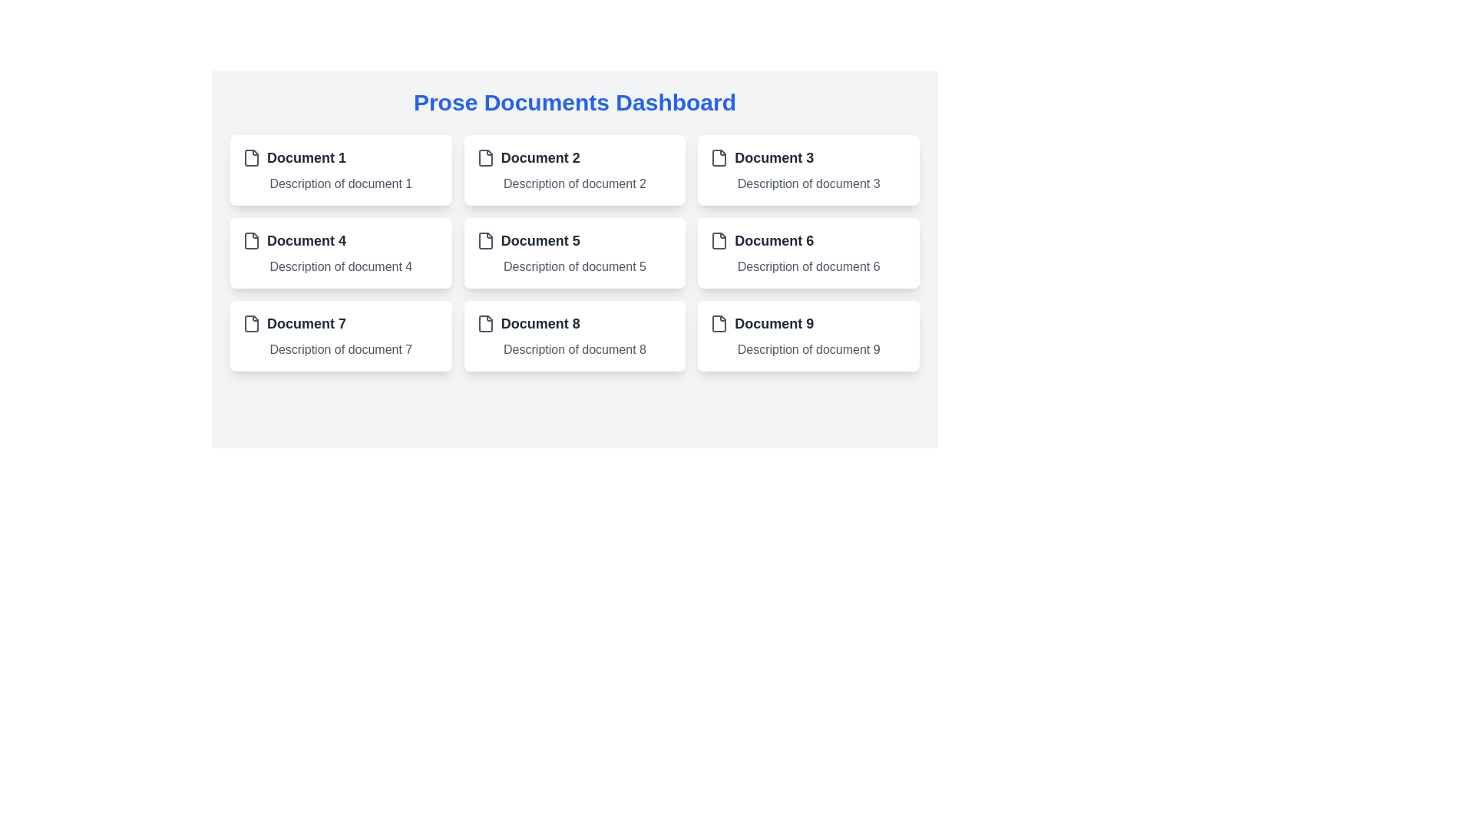 The width and height of the screenshot is (1474, 829). What do you see at coordinates (484, 157) in the screenshot?
I see `the icon representing 'Document 2', which is positioned to the left of the text elements 'Document 2' and 'Description of document 2'` at bounding box center [484, 157].